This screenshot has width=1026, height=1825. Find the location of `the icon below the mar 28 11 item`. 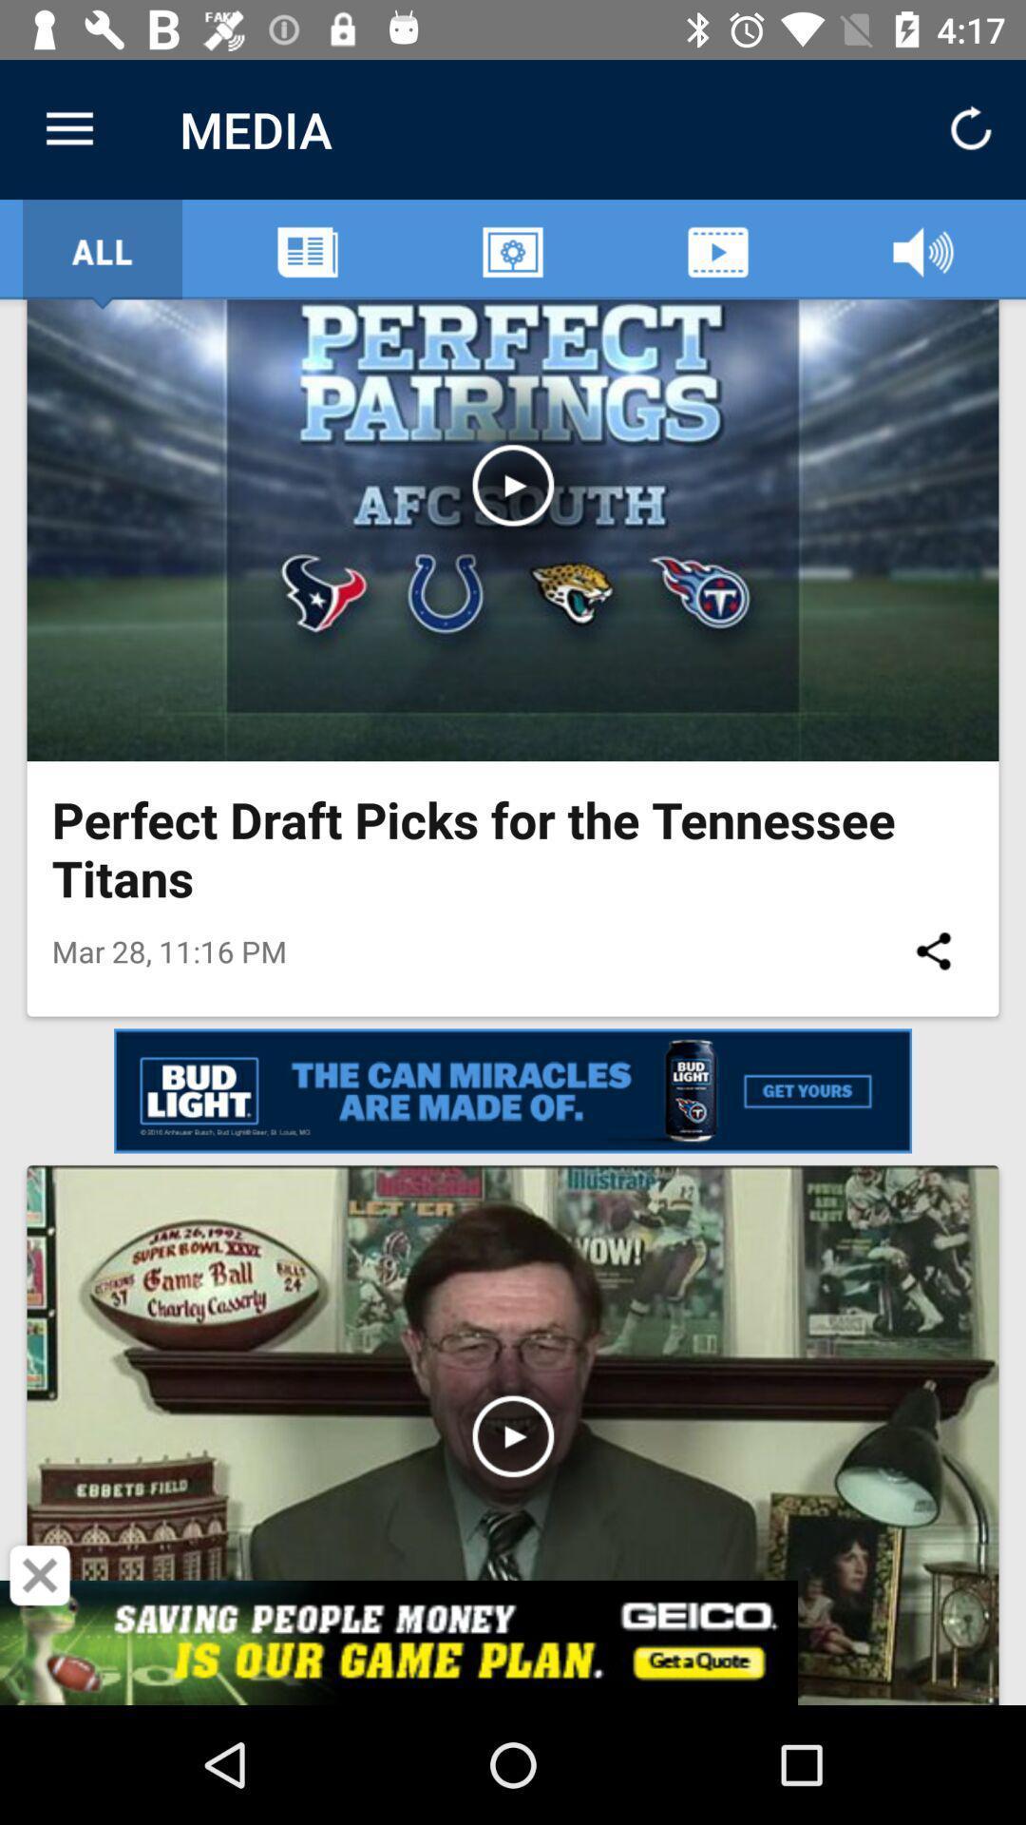

the icon below the mar 28 11 item is located at coordinates (40, 1575).